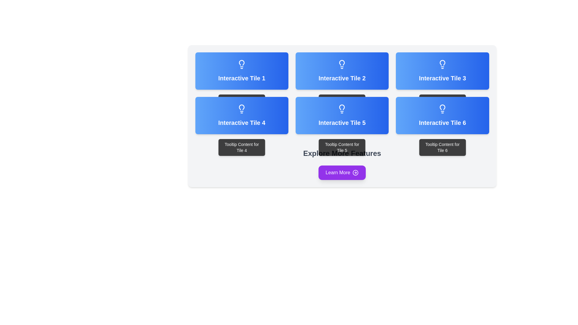 This screenshot has width=578, height=325. I want to click on the bold text labeled 'Interactive Tile 3' which is displayed in white on a gradient blue background, located in the top-right tile of the grid, so click(442, 78).